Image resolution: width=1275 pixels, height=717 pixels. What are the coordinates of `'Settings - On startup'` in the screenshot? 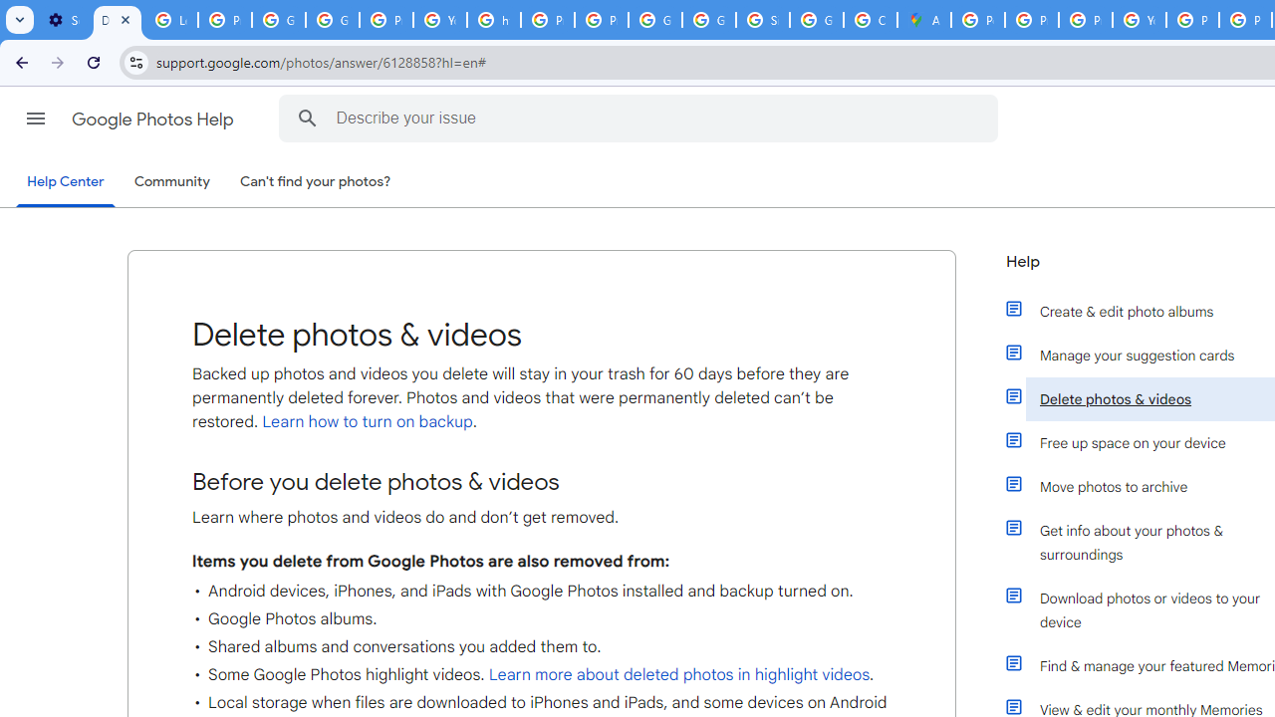 It's located at (64, 20).